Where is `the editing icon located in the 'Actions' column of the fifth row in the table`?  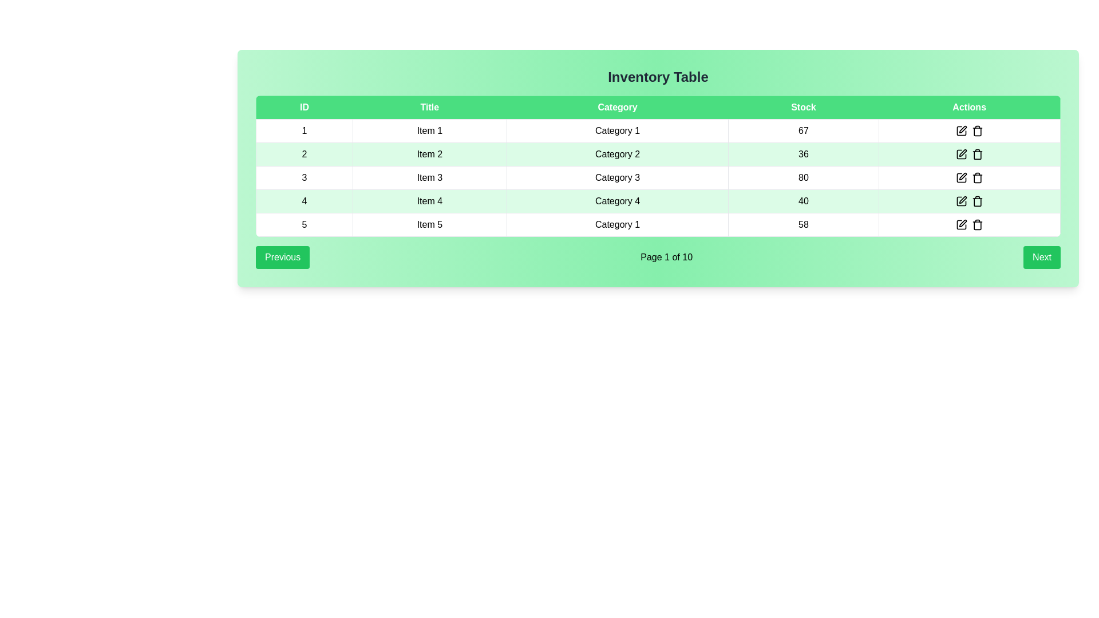
the editing icon located in the 'Actions' column of the fifth row in the table is located at coordinates (962, 225).